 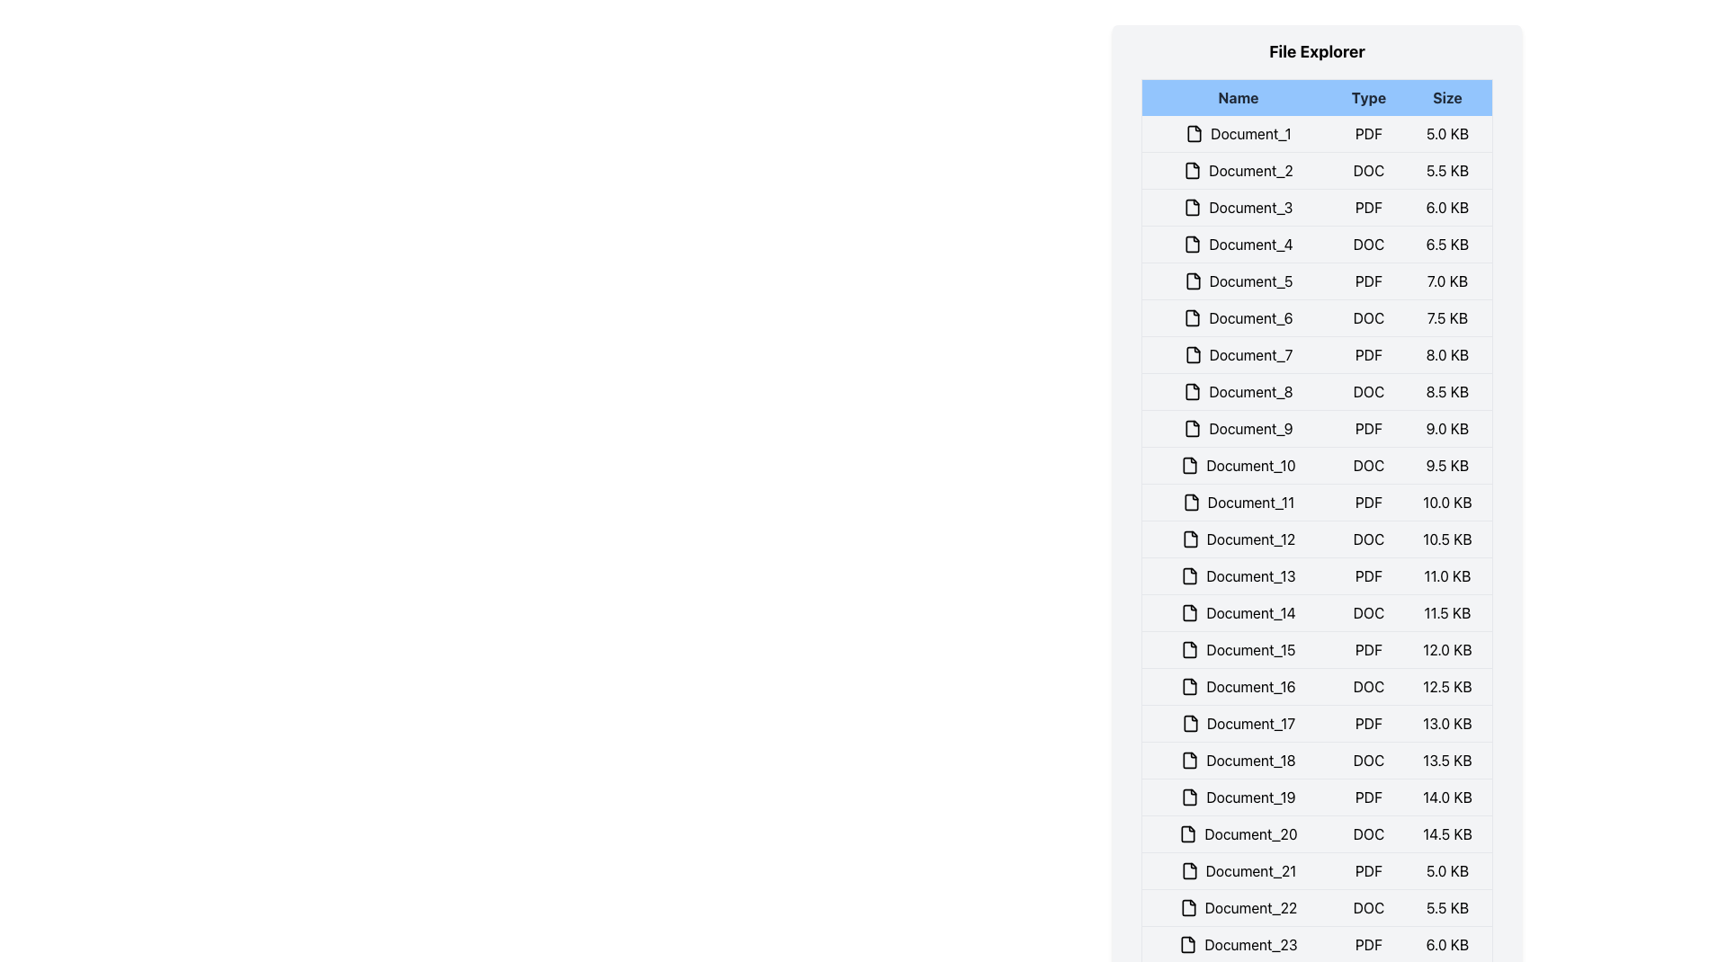 I want to click on the document icon located in the 'Document_13' row of the file explorer, so click(x=1190, y=575).